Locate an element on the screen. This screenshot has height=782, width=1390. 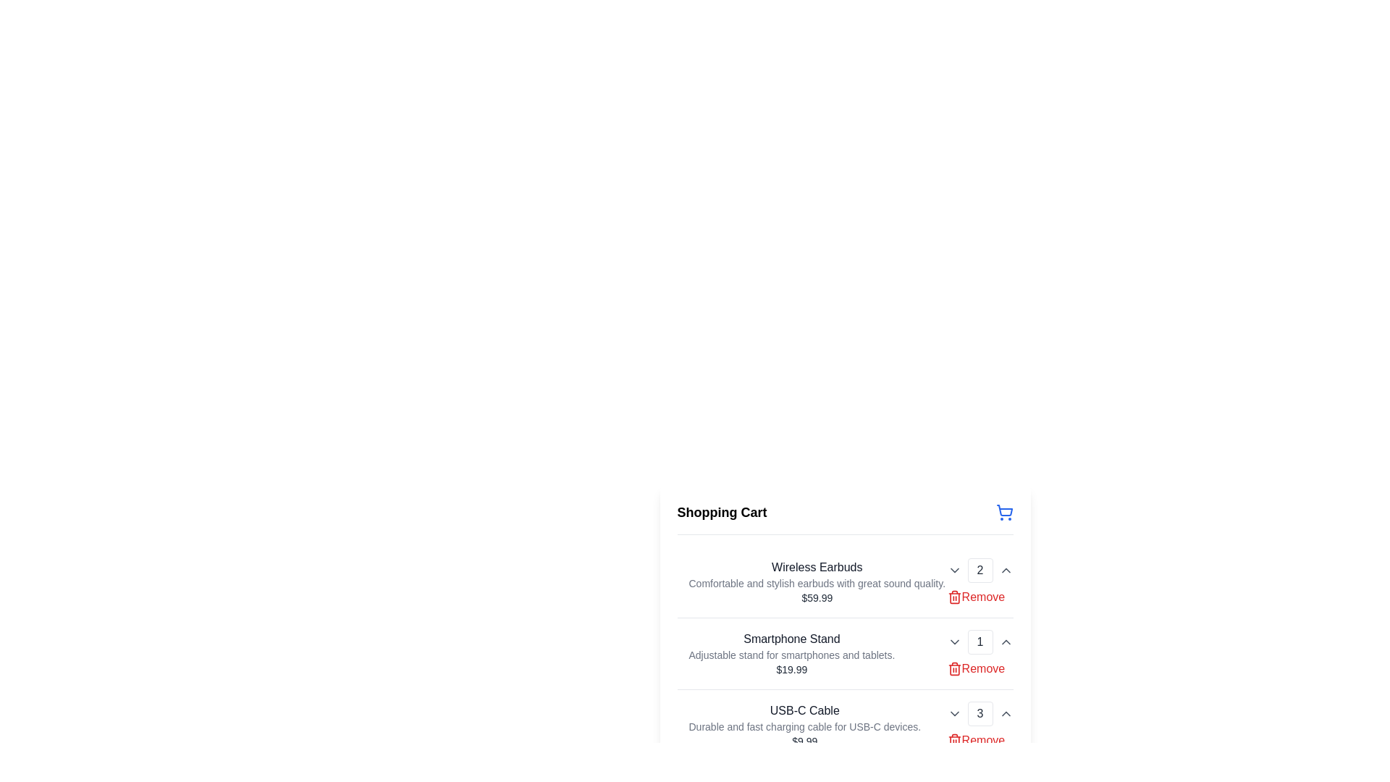
the decrement button within the quantity selector group of the 'Smartphone Stand' item in the shopping cart is located at coordinates (980, 653).